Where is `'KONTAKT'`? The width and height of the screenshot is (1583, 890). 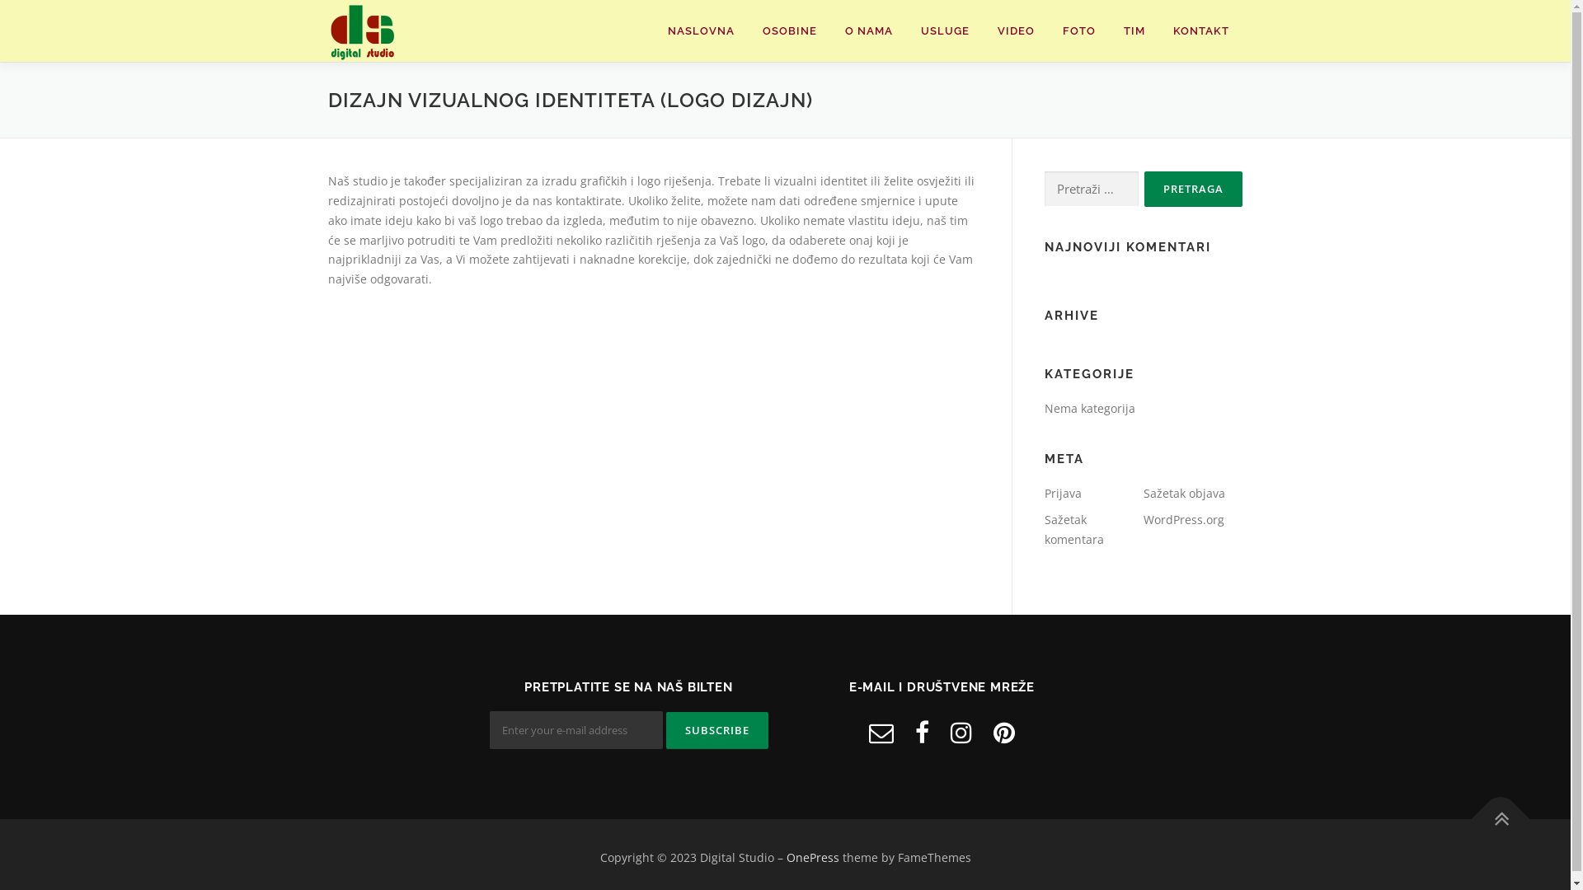 'KONTAKT' is located at coordinates (1201, 30).